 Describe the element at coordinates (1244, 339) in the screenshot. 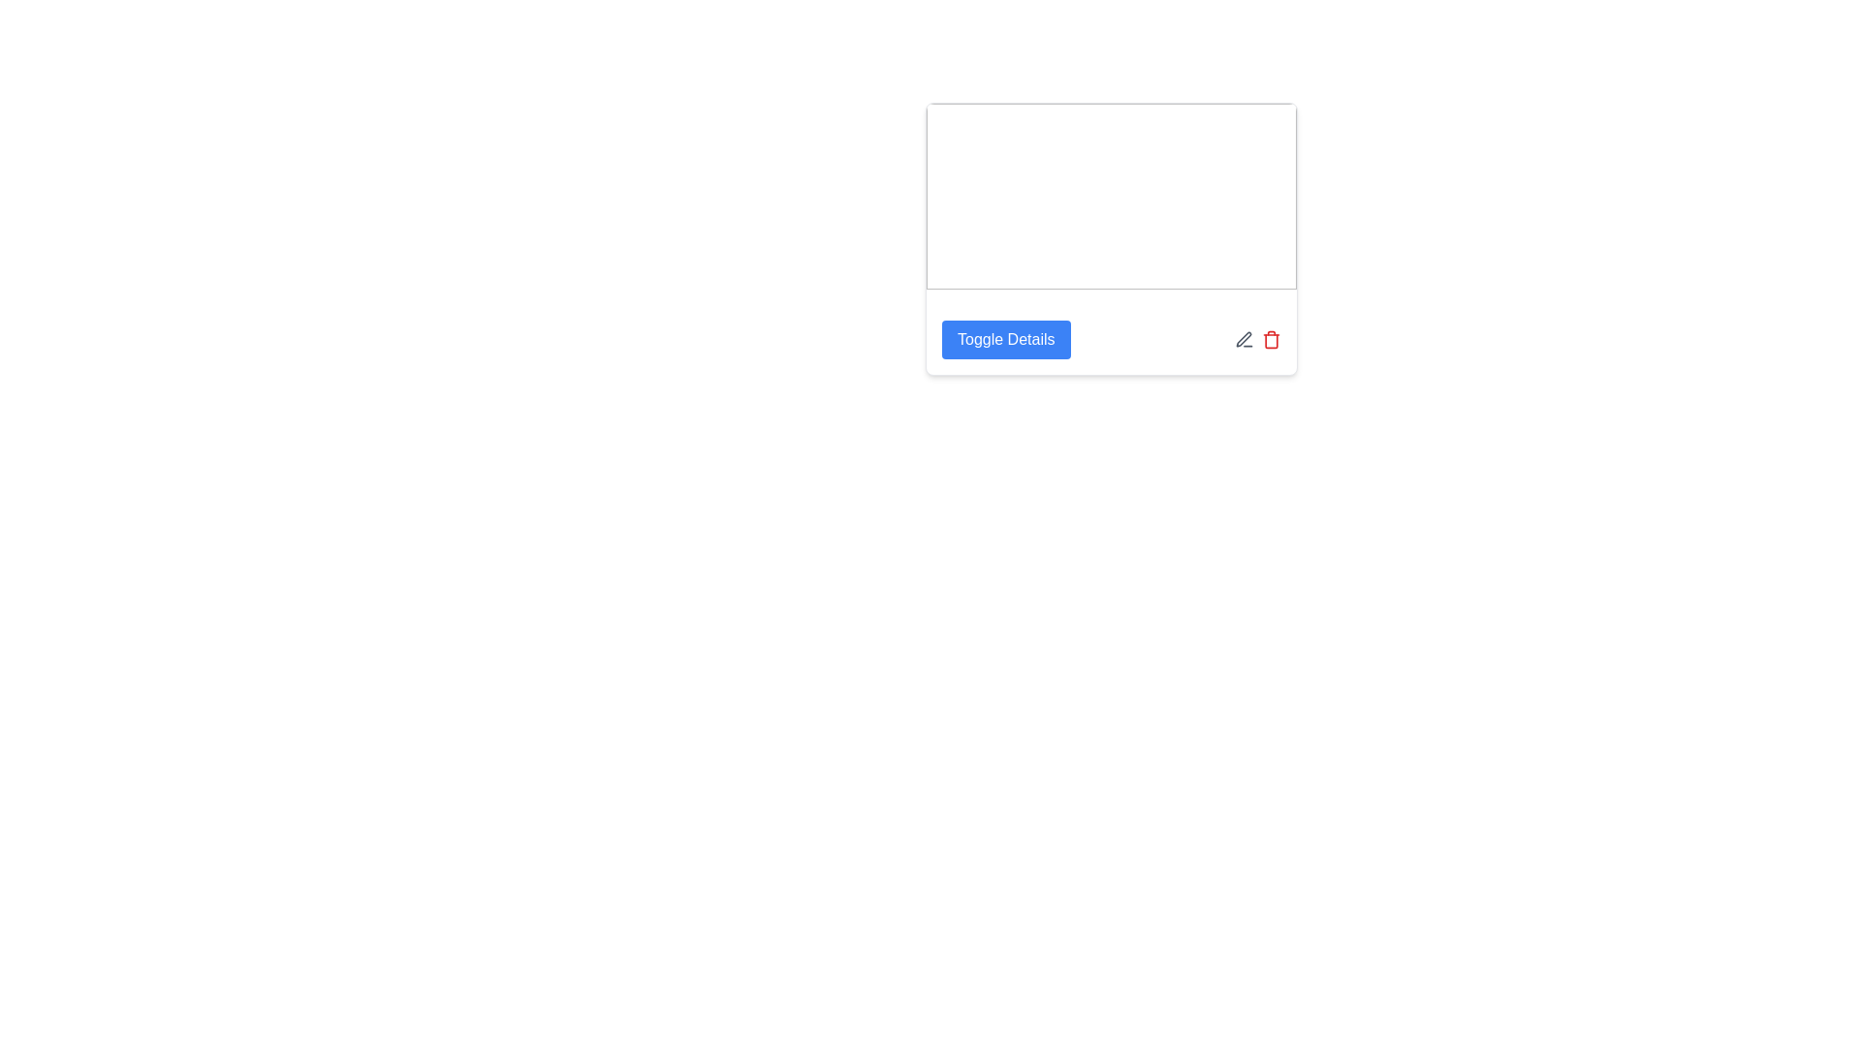

I see `the first icon button to the right of the blue 'Toggle Details' button` at that location.